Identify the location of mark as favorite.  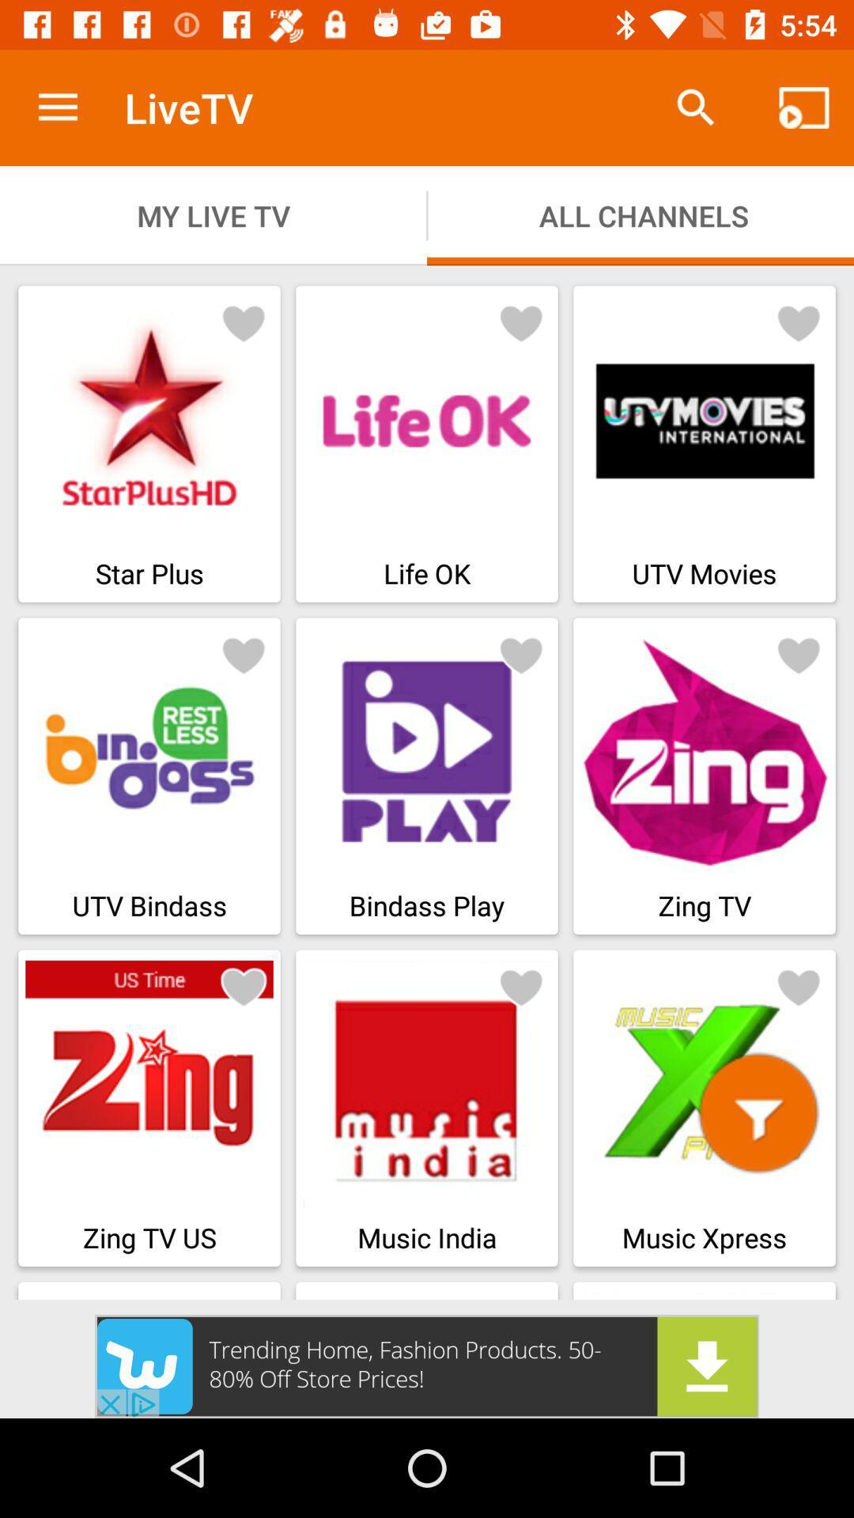
(799, 322).